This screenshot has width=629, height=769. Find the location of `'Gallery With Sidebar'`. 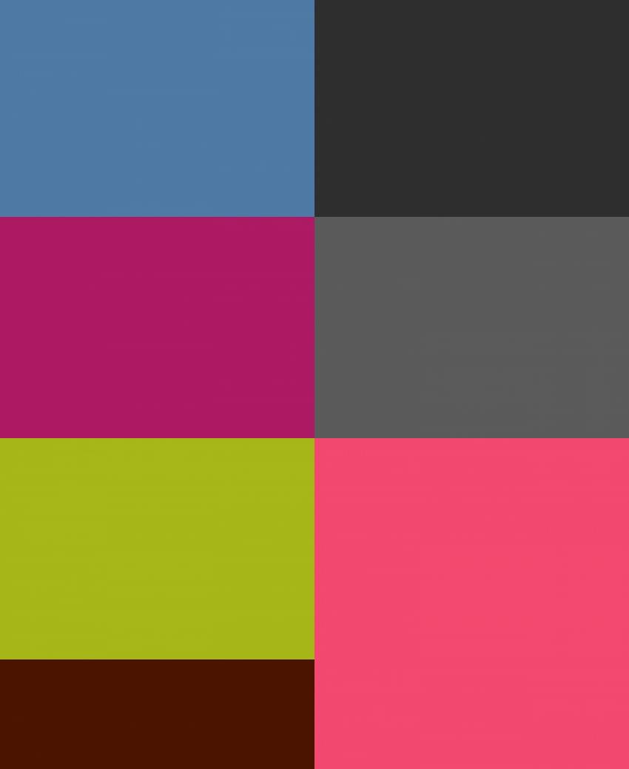

'Gallery With Sidebar' is located at coordinates (99, 548).